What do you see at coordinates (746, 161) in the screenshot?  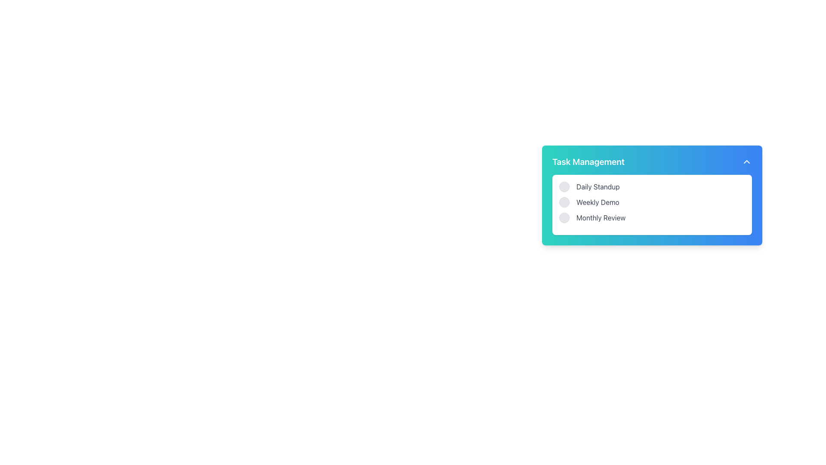 I see `the toggle button located to the far right of the 'Task Management' header section` at bounding box center [746, 161].